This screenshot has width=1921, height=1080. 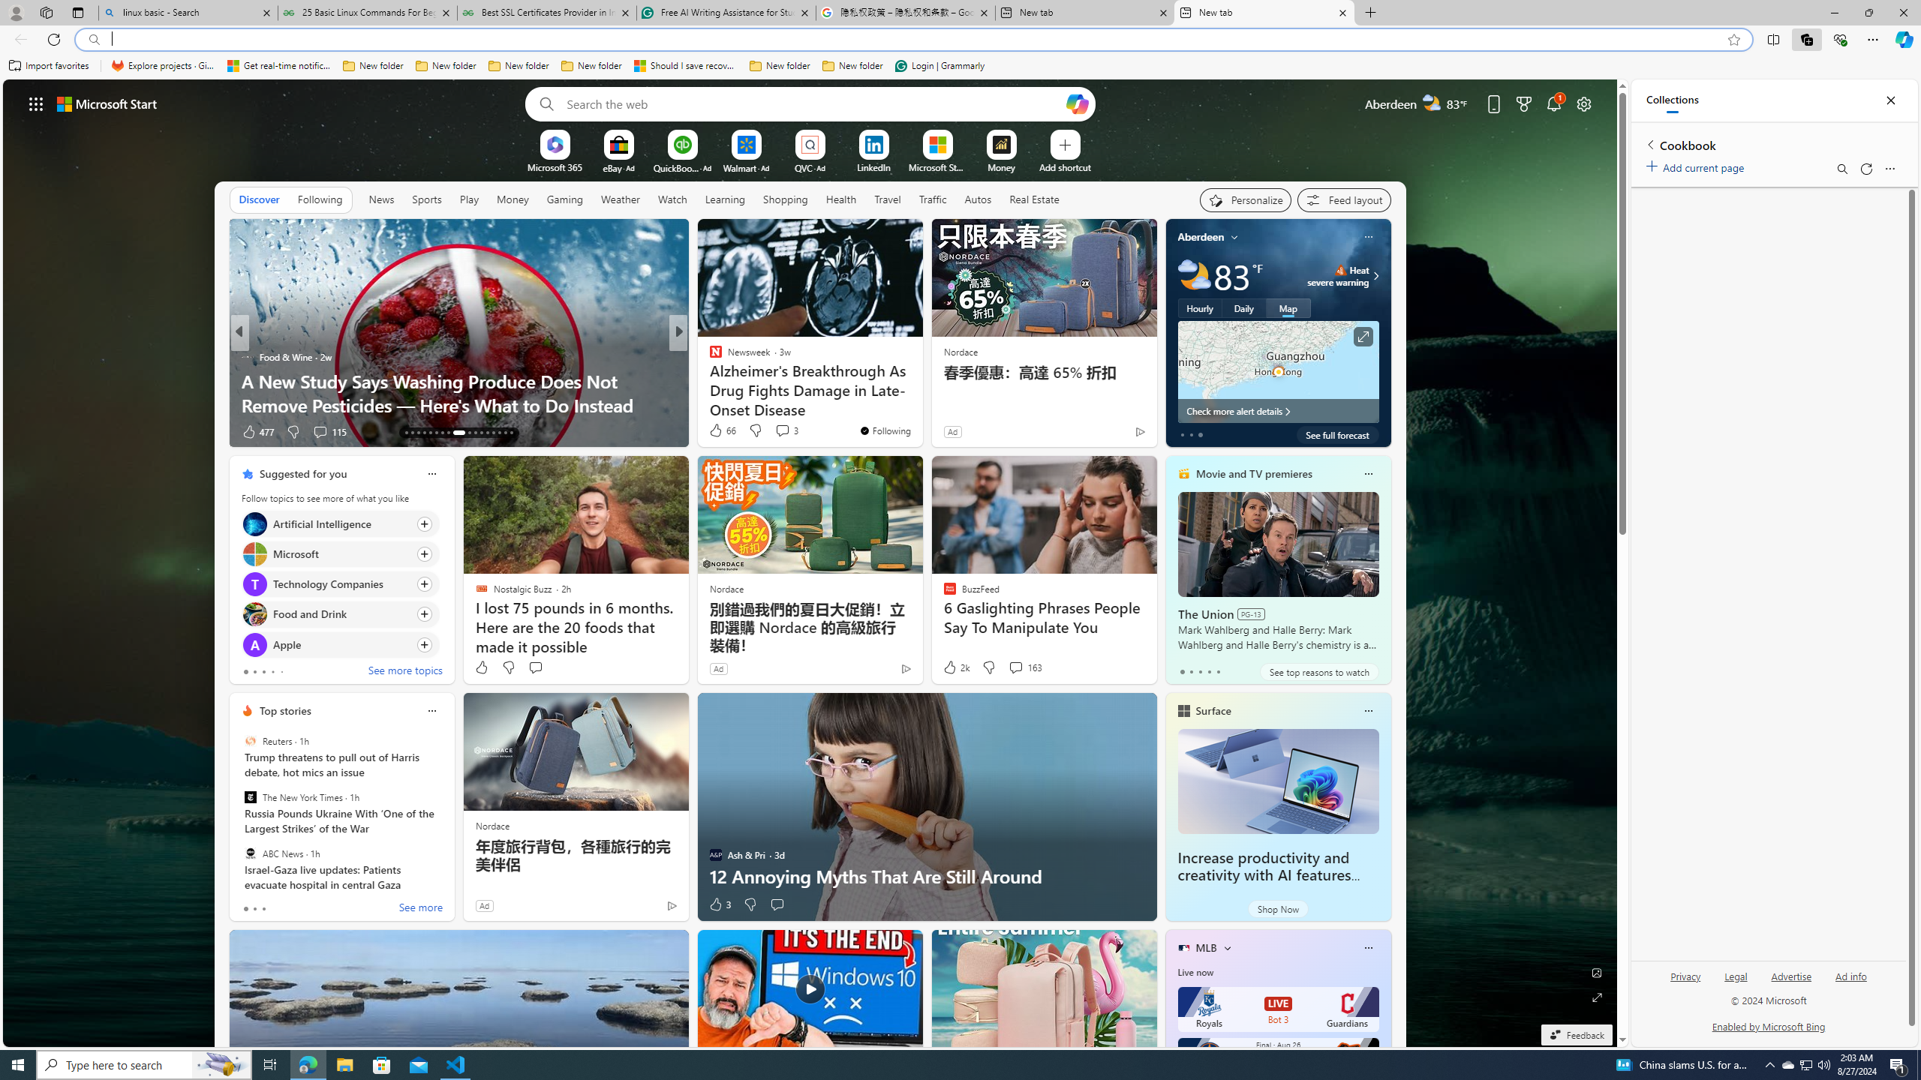 What do you see at coordinates (547, 12) in the screenshot?
I see `'Best SSL Certificates Provider in India - GeeksforGeeks'` at bounding box center [547, 12].